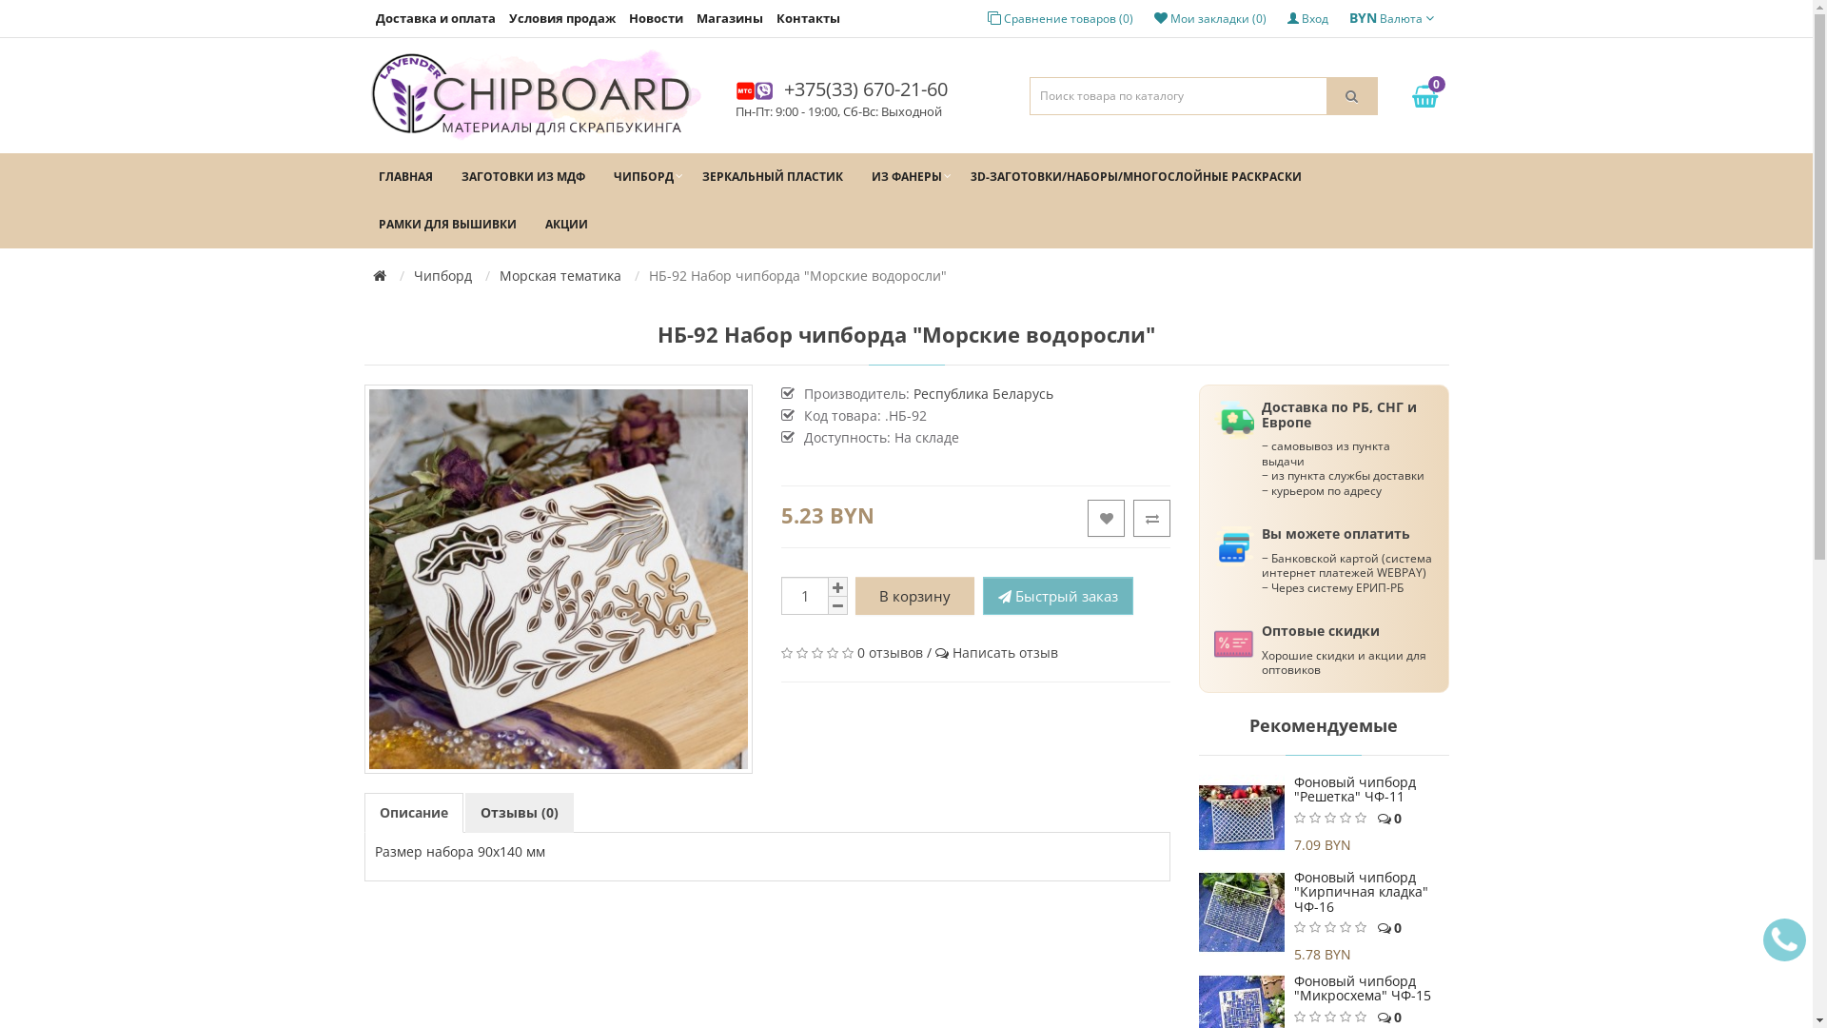  I want to click on '+375(33) 670-21-60', so click(776, 89).